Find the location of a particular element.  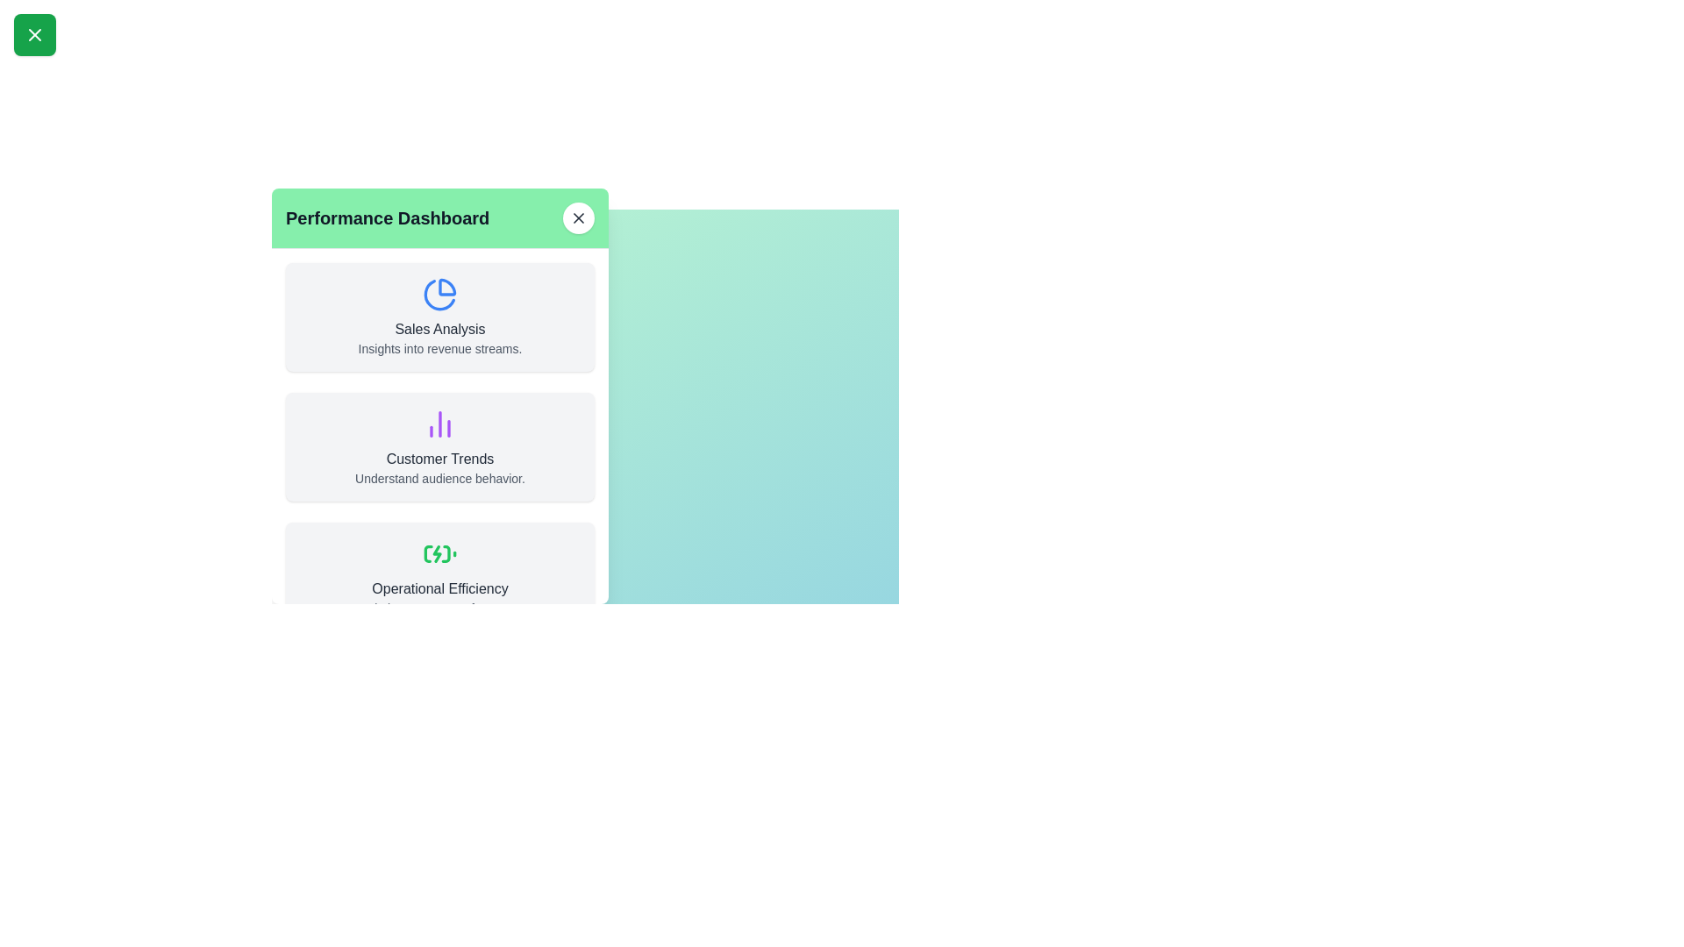

the icon on the second Card UI component in the 'Performance Dashboard' section, which contains textual and graphical content related to customer trends and audience behavior is located at coordinates (440, 445).